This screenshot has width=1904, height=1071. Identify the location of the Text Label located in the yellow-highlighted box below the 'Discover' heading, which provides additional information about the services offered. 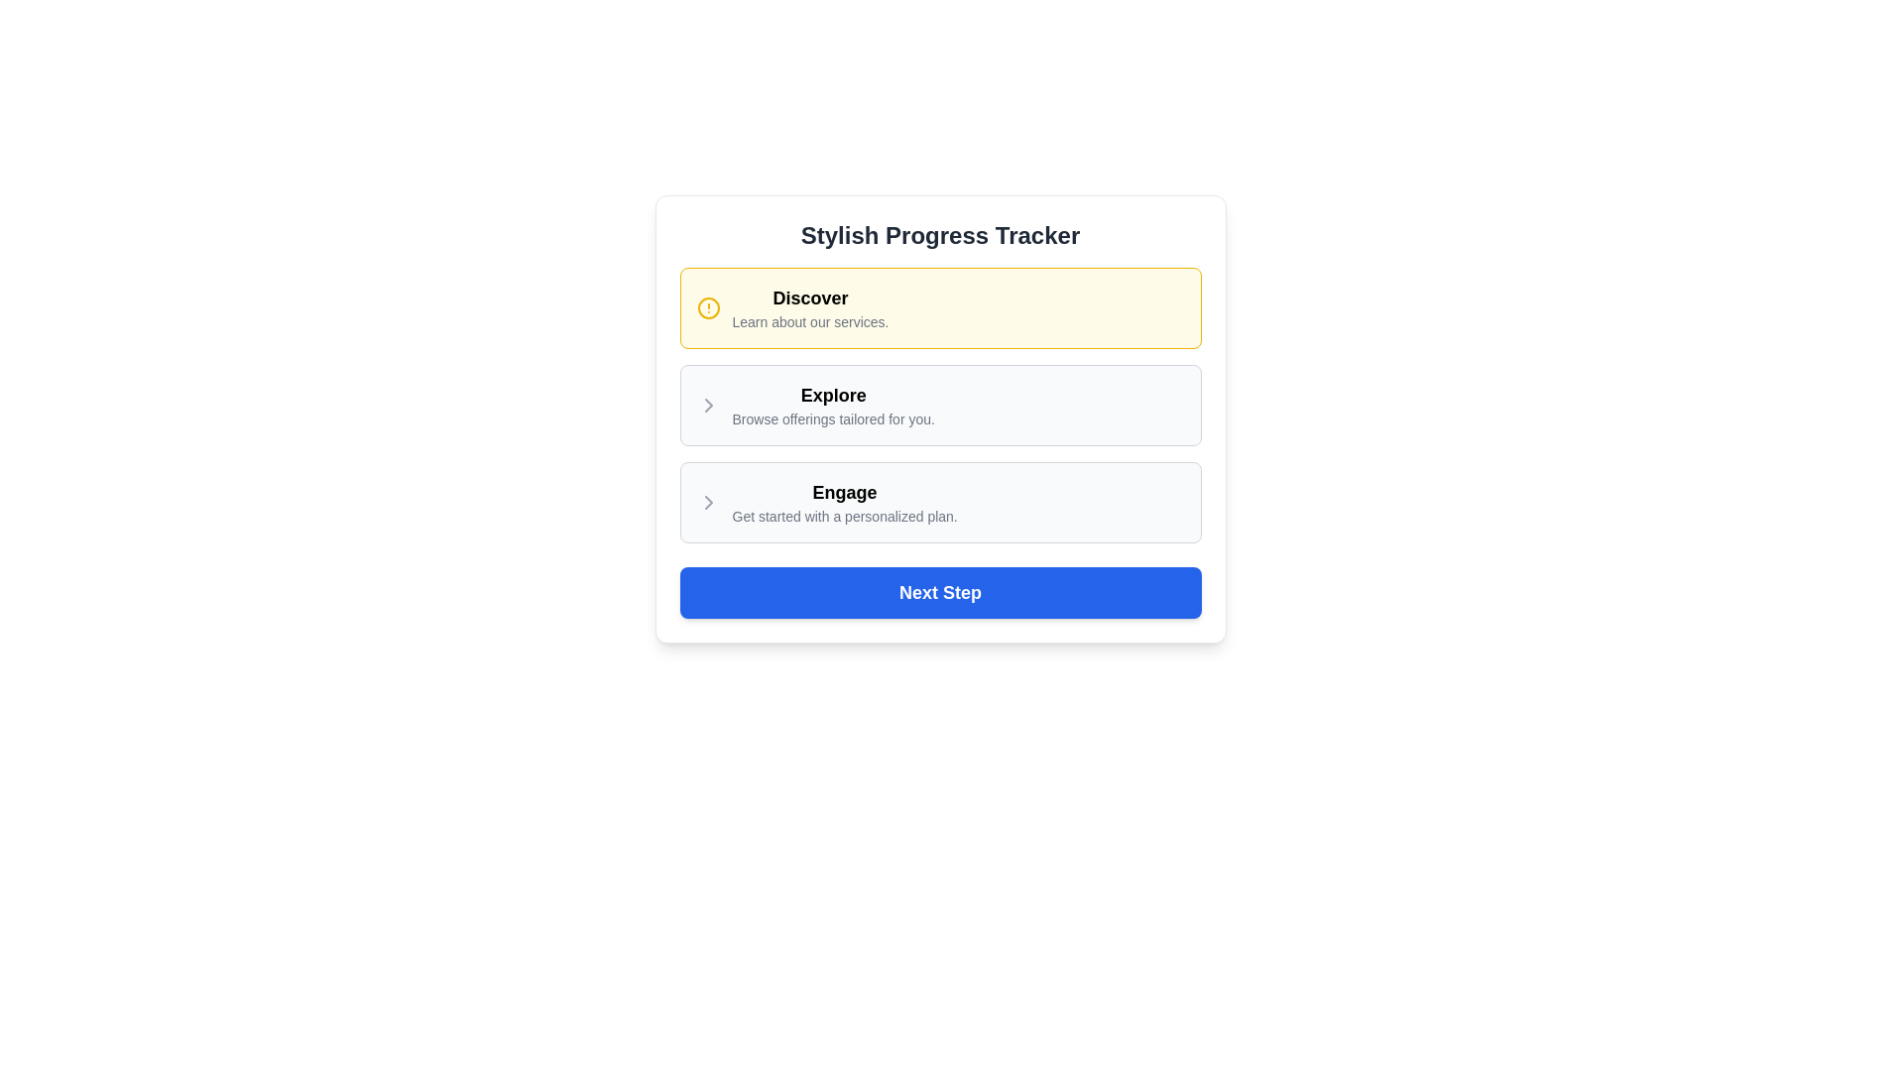
(810, 320).